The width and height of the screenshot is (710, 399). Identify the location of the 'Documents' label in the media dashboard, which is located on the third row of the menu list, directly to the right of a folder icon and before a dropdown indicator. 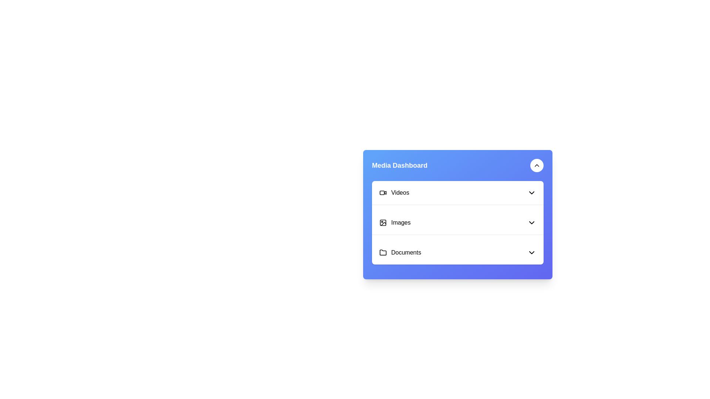
(406, 252).